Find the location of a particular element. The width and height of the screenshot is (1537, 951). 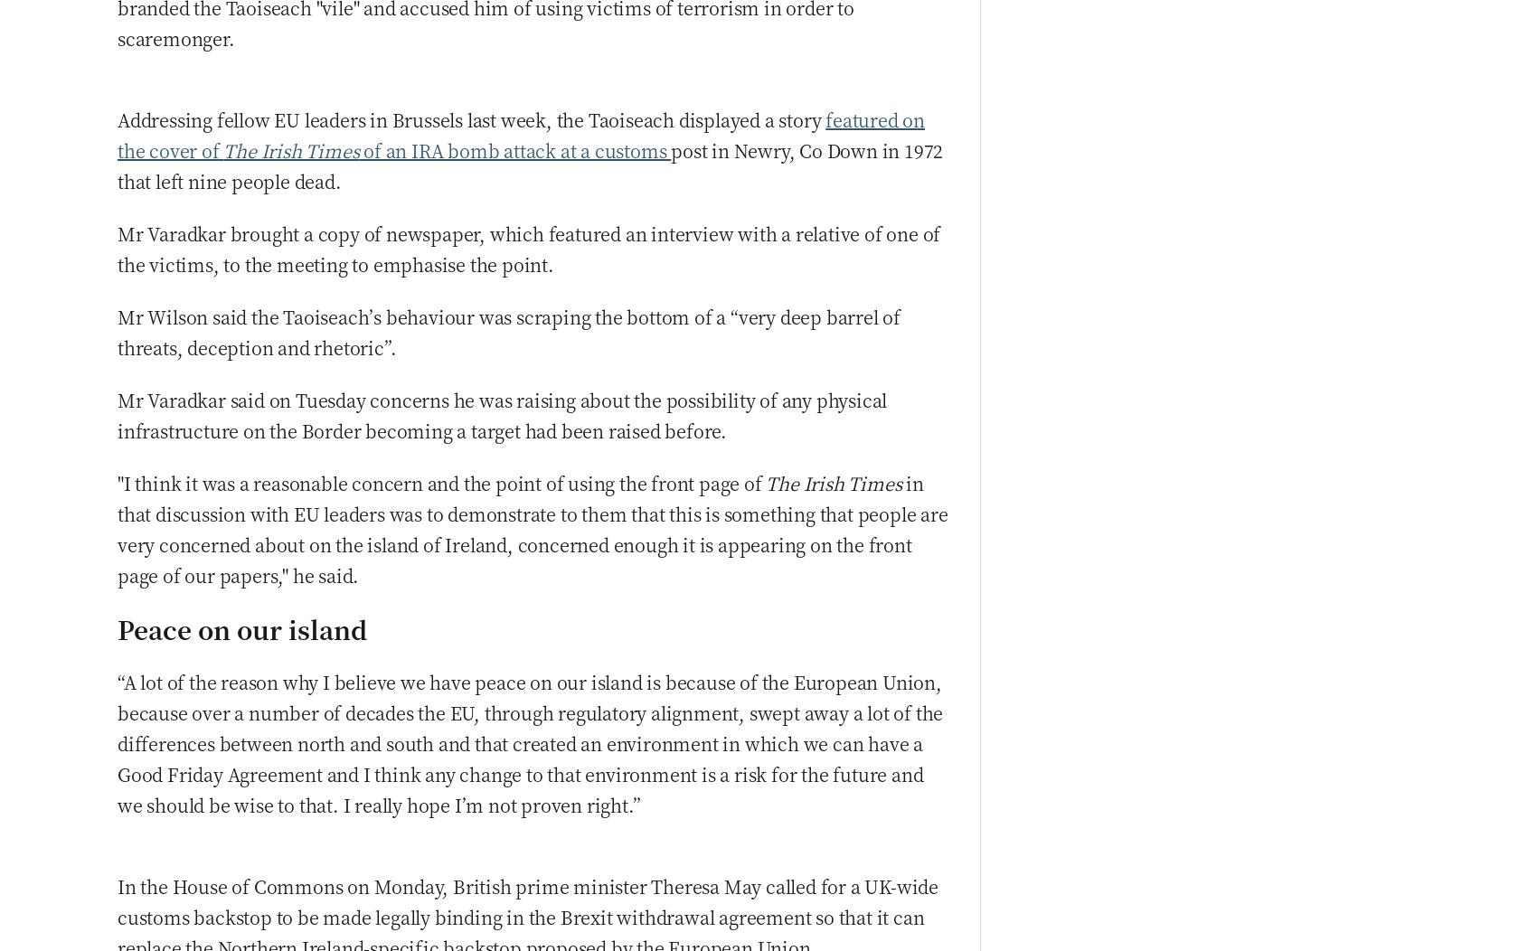

'“A lot of the reason why I believe we have peace on our island is because of the European Union, because over a number of decades the EU, through regulatory alignment, swept away a lot of the differences between north and south and that created an environment in which we can have a Good Friday Agreement and I think any change to that environment is a risk for the future and we should be wise to that. I really hope I’m not proven right.”' is located at coordinates (117, 742).